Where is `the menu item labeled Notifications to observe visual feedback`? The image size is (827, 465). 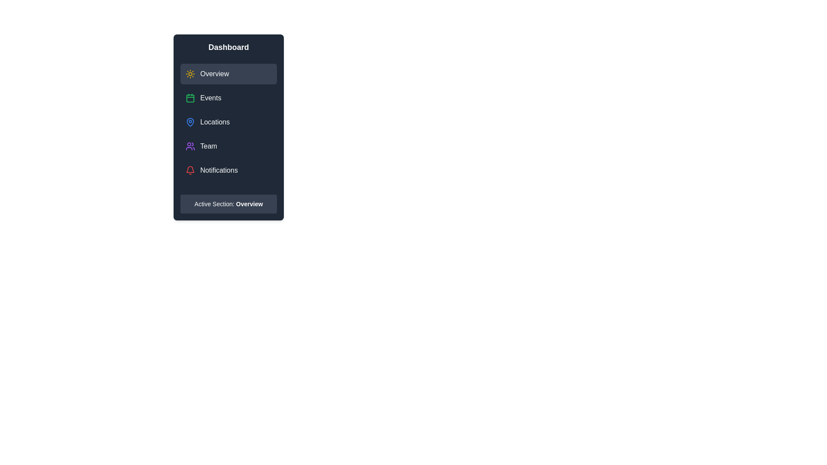 the menu item labeled Notifications to observe visual feedback is located at coordinates (229, 170).